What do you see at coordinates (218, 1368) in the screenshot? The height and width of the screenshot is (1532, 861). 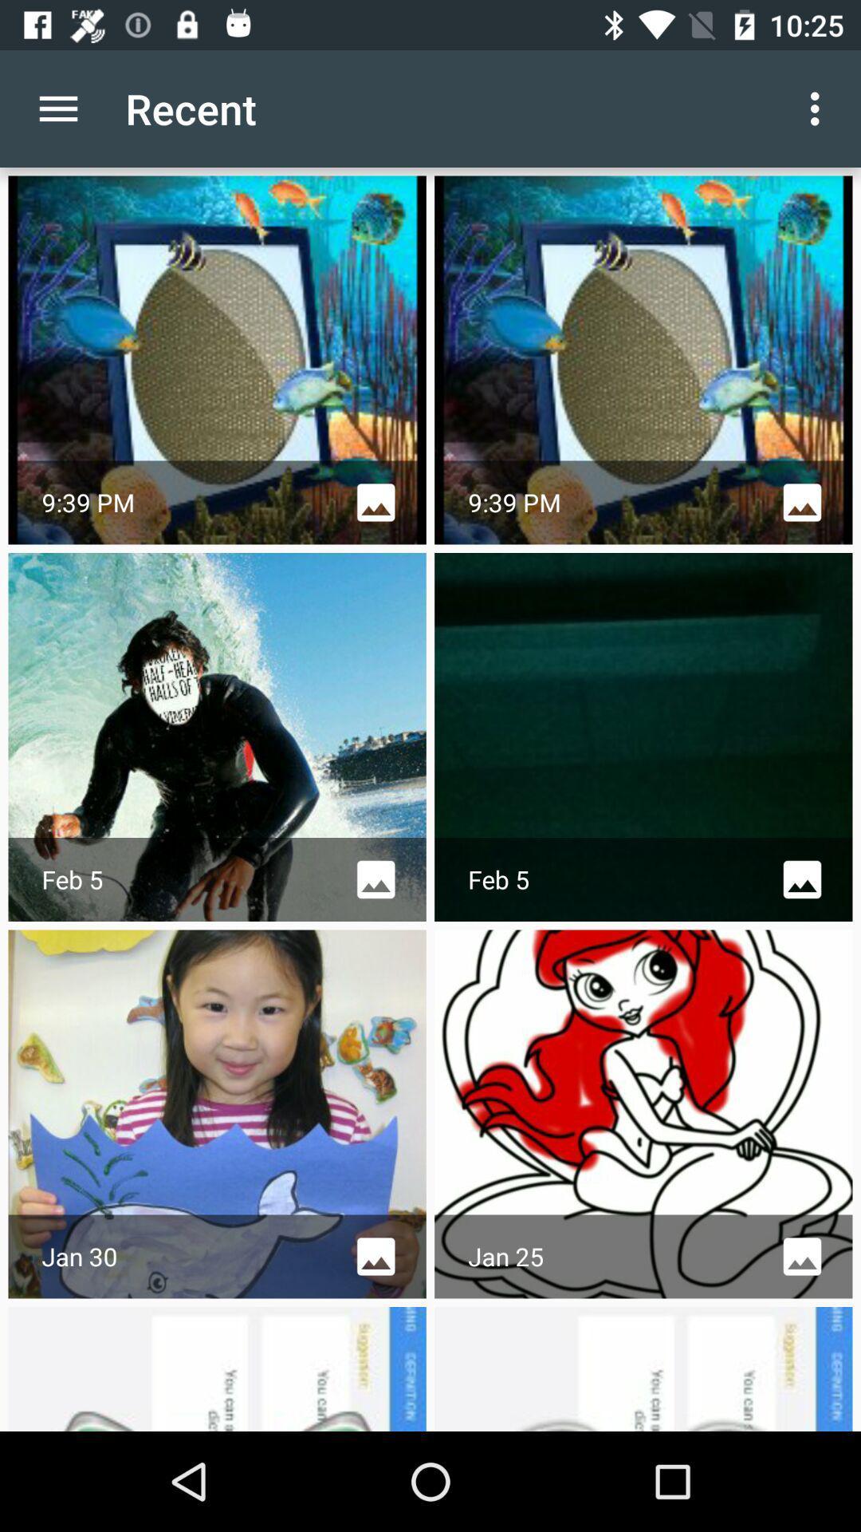 I see `the first image in last row` at bounding box center [218, 1368].